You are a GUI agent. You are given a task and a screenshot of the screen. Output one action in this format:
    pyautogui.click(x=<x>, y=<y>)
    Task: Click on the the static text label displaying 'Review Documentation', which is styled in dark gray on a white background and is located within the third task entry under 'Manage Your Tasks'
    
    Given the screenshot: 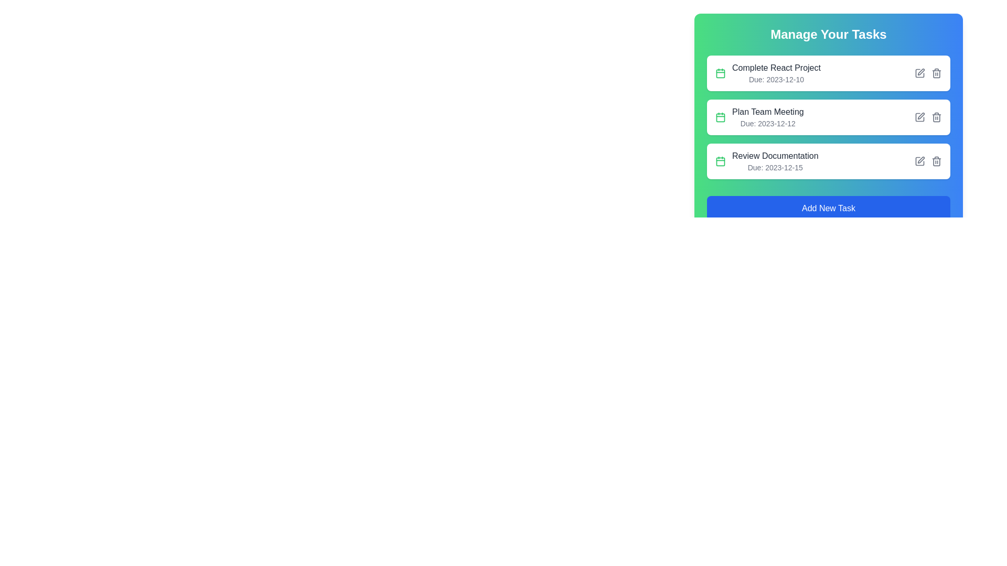 What is the action you would take?
    pyautogui.click(x=775, y=156)
    